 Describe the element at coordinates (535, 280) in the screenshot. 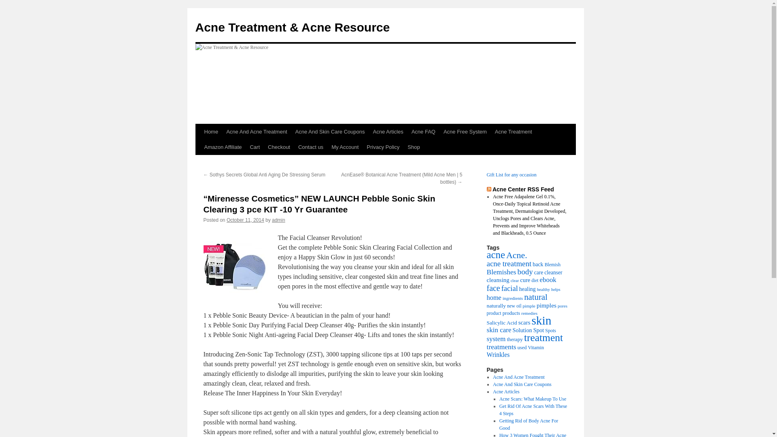

I see `'diet'` at that location.